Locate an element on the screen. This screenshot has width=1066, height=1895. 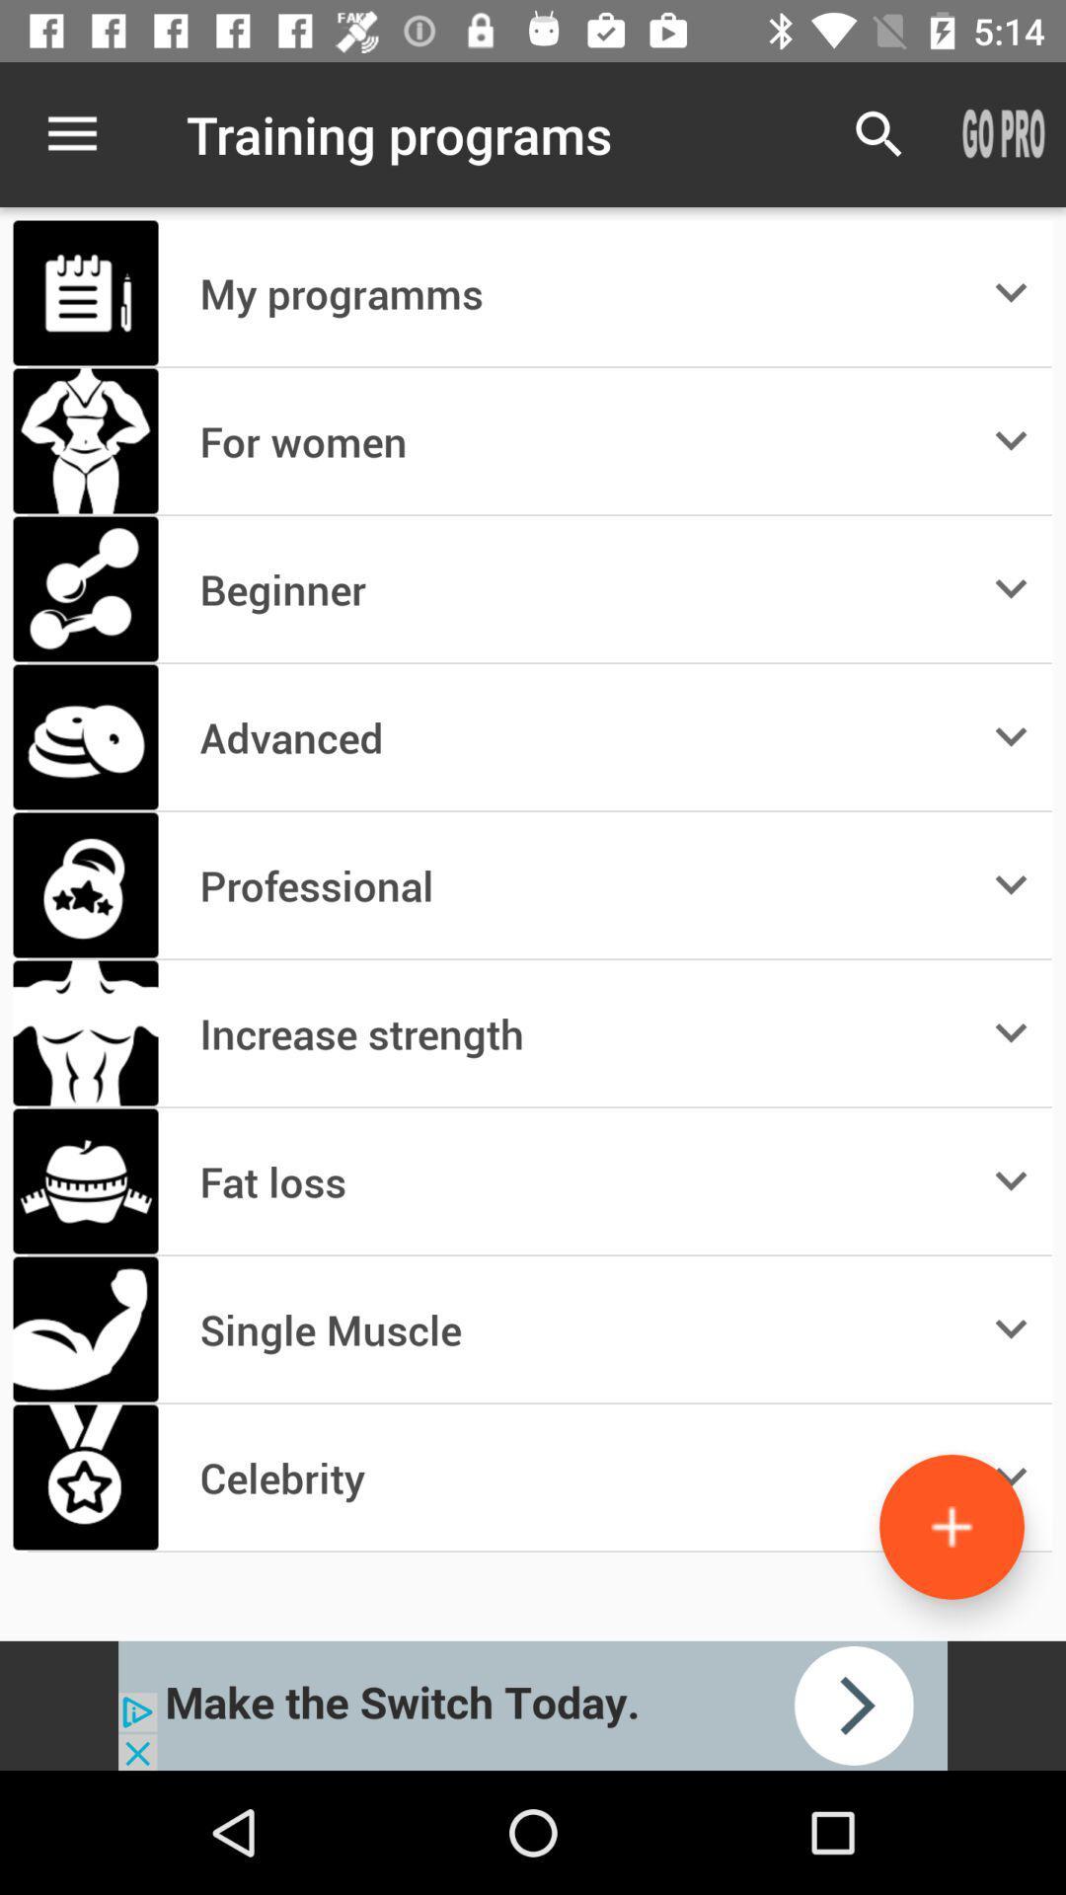
post is located at coordinates (951, 1526).